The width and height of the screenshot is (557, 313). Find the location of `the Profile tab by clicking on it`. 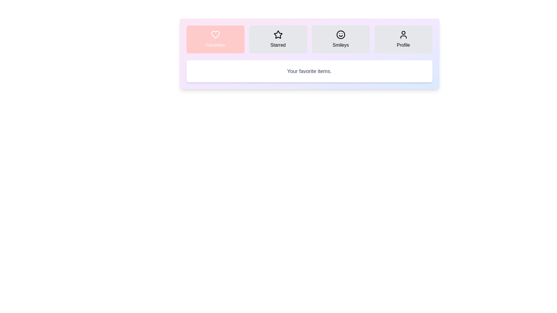

the Profile tab by clicking on it is located at coordinates (403, 39).